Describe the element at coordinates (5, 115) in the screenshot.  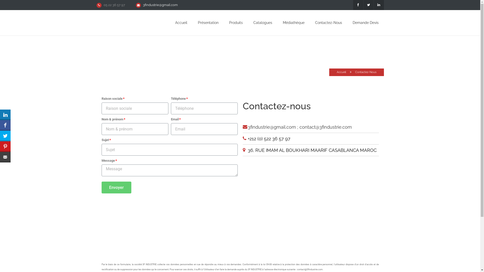
I see `'Share on LinkedIn'` at that location.